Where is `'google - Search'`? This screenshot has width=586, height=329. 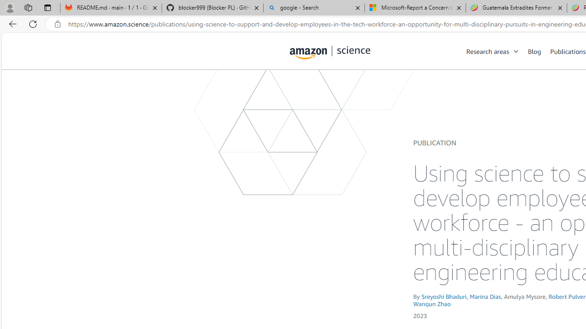 'google - Search' is located at coordinates (314, 8).